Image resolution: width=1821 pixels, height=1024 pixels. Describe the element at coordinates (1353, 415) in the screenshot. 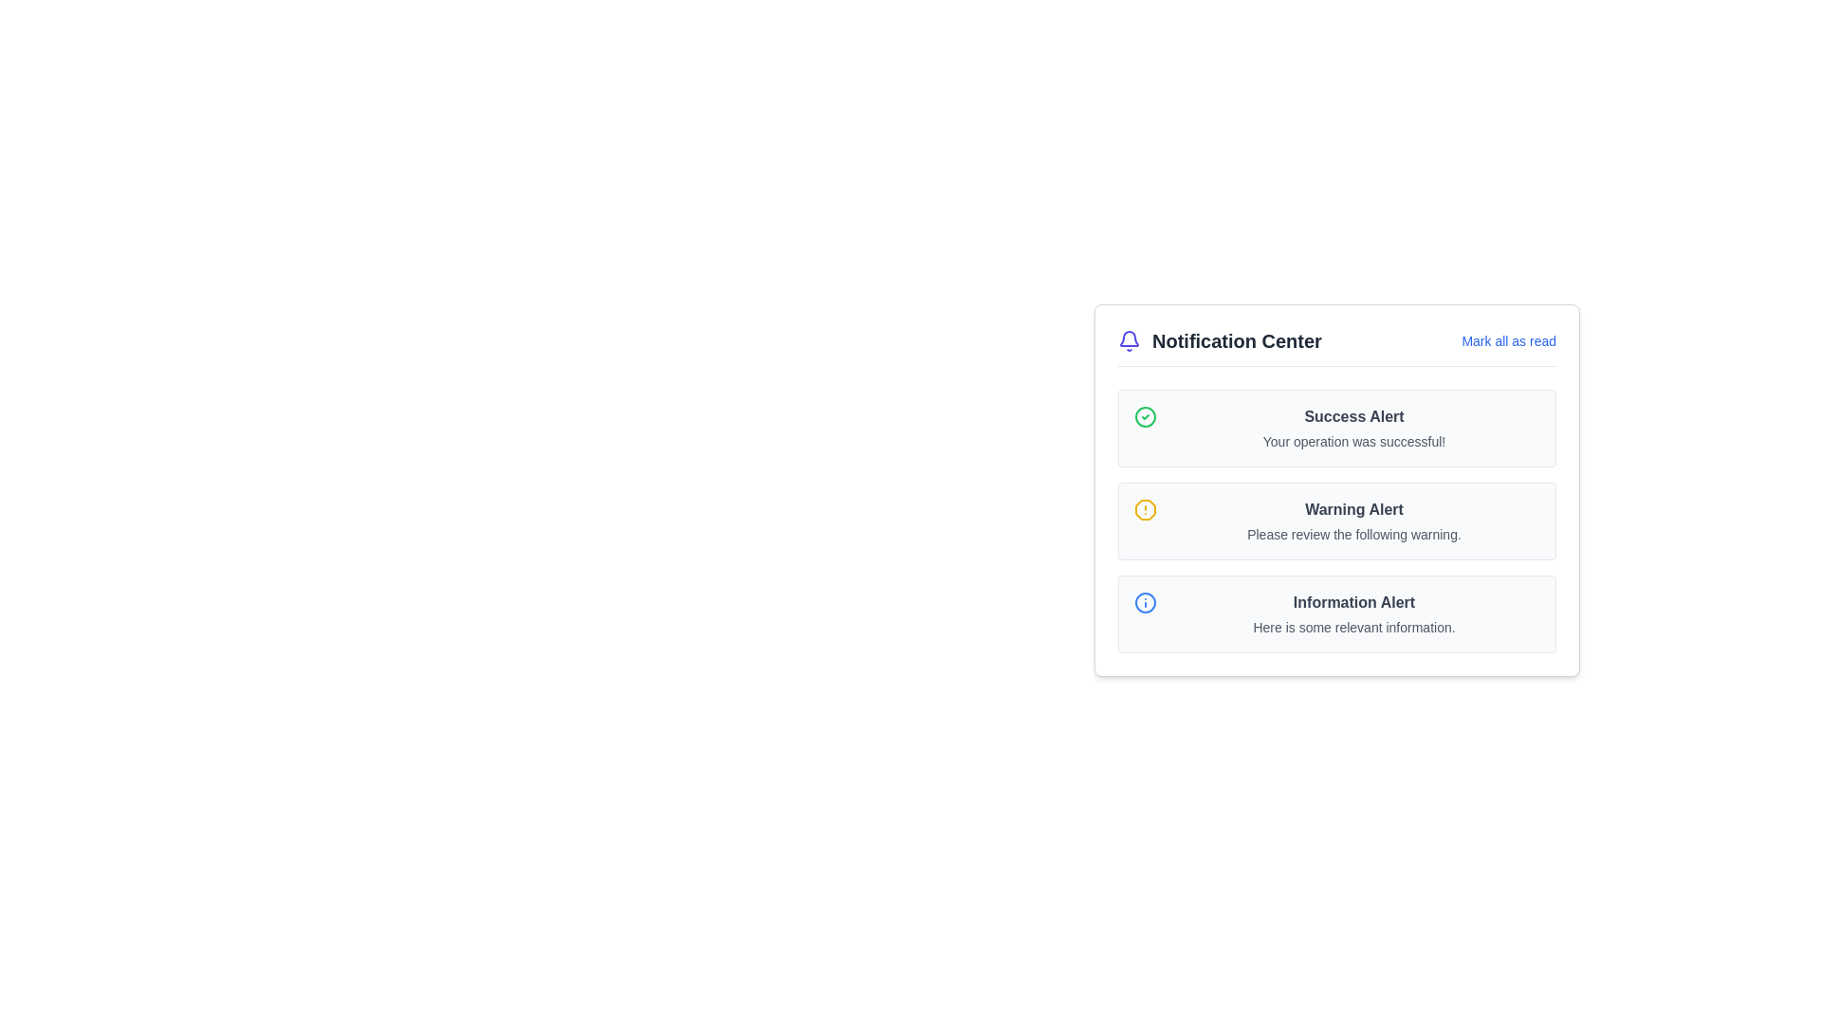

I see `the 'Success Alert' text label which is styled in bold gray color and is part of the notification interface, located in the first row of the notification list under 'Notification Center'` at that location.